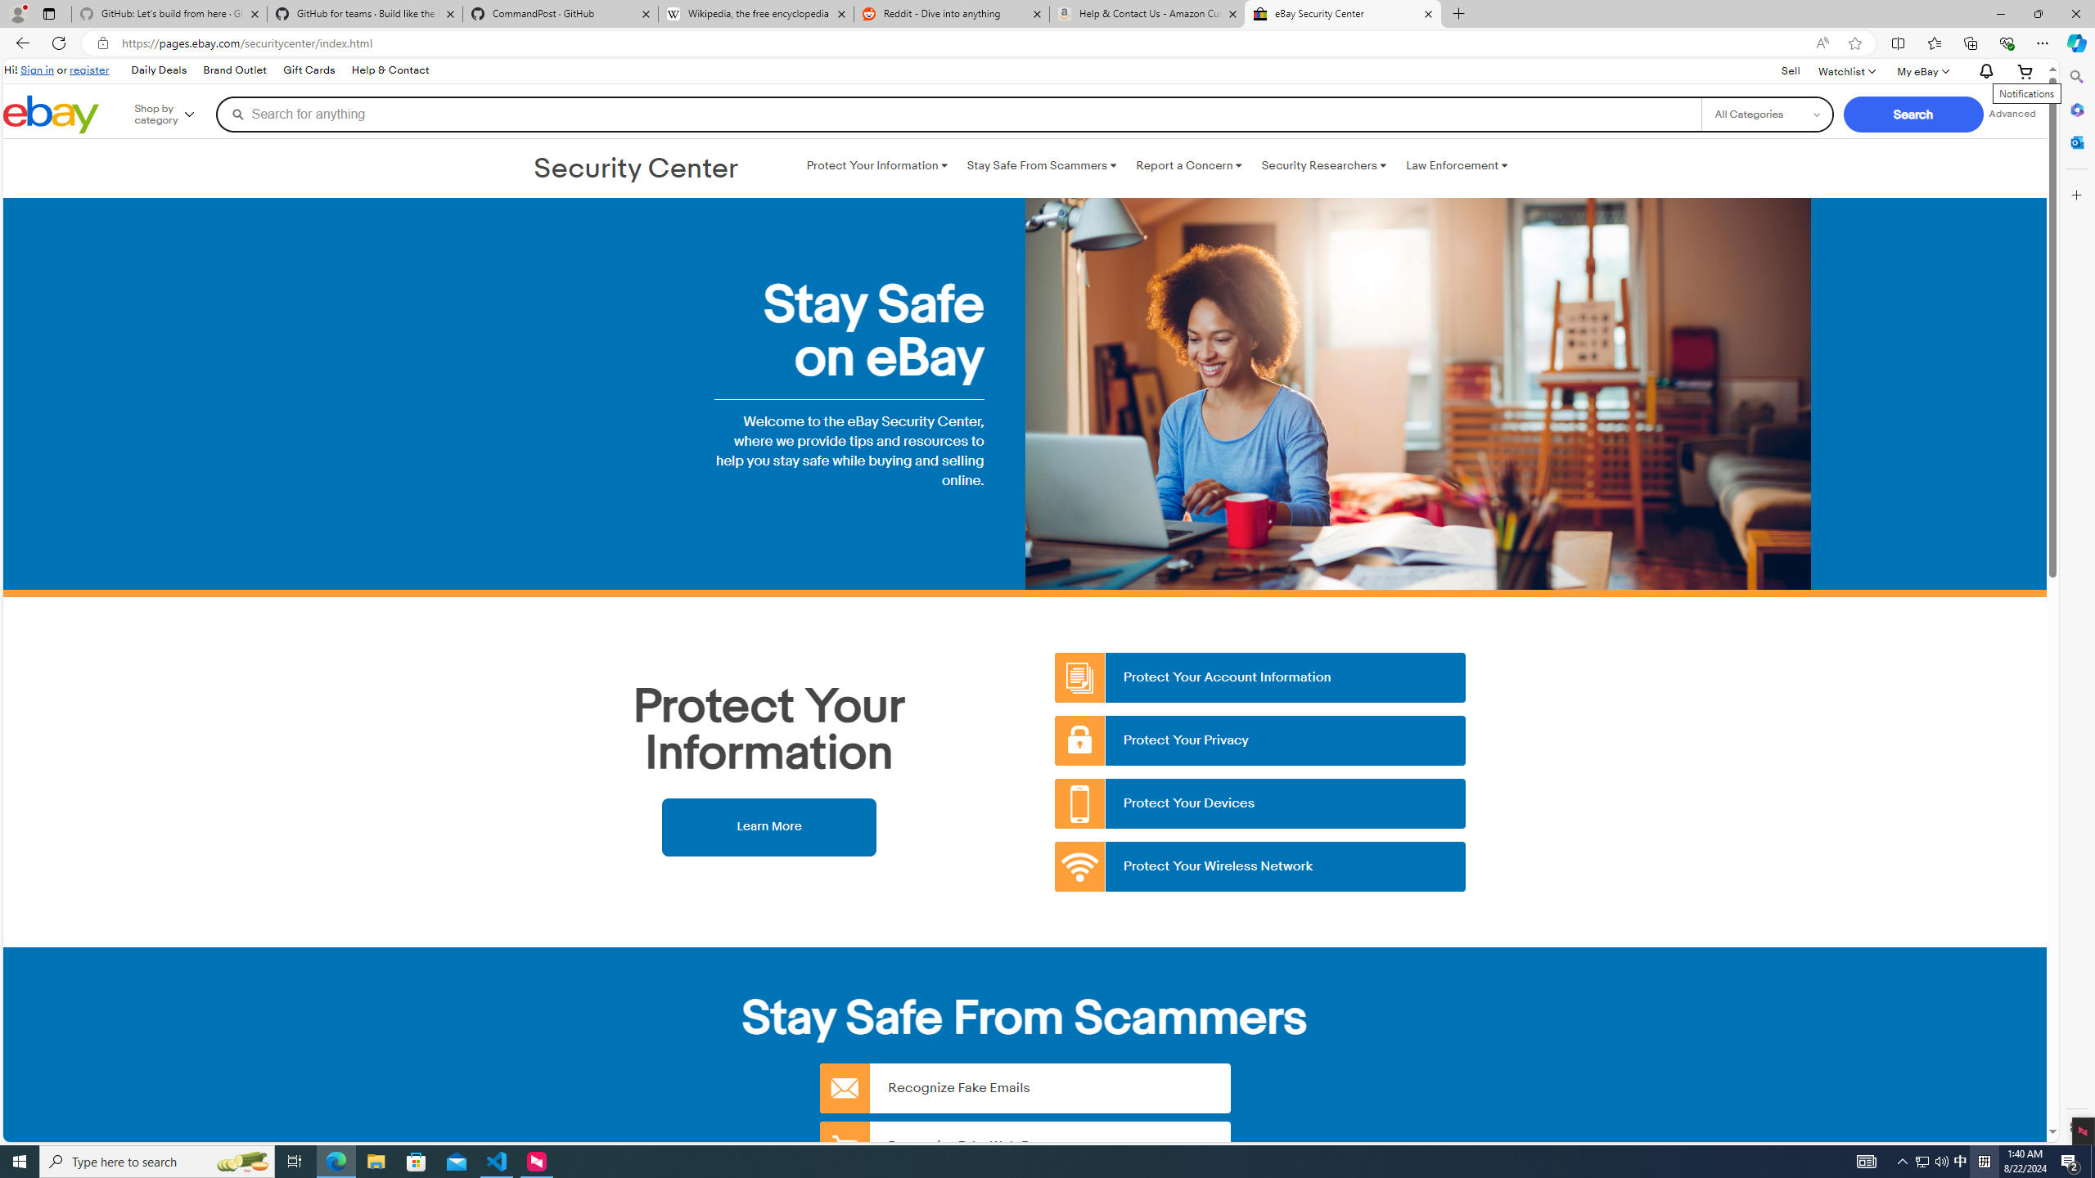  What do you see at coordinates (390, 71) in the screenshot?
I see `'Help & Contact'` at bounding box center [390, 71].